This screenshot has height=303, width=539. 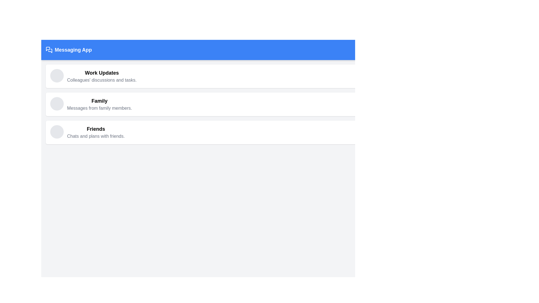 What do you see at coordinates (99, 100) in the screenshot?
I see `the 'Family' section heading text label, which is positioned directly above the 'Messages from family members' text` at bounding box center [99, 100].